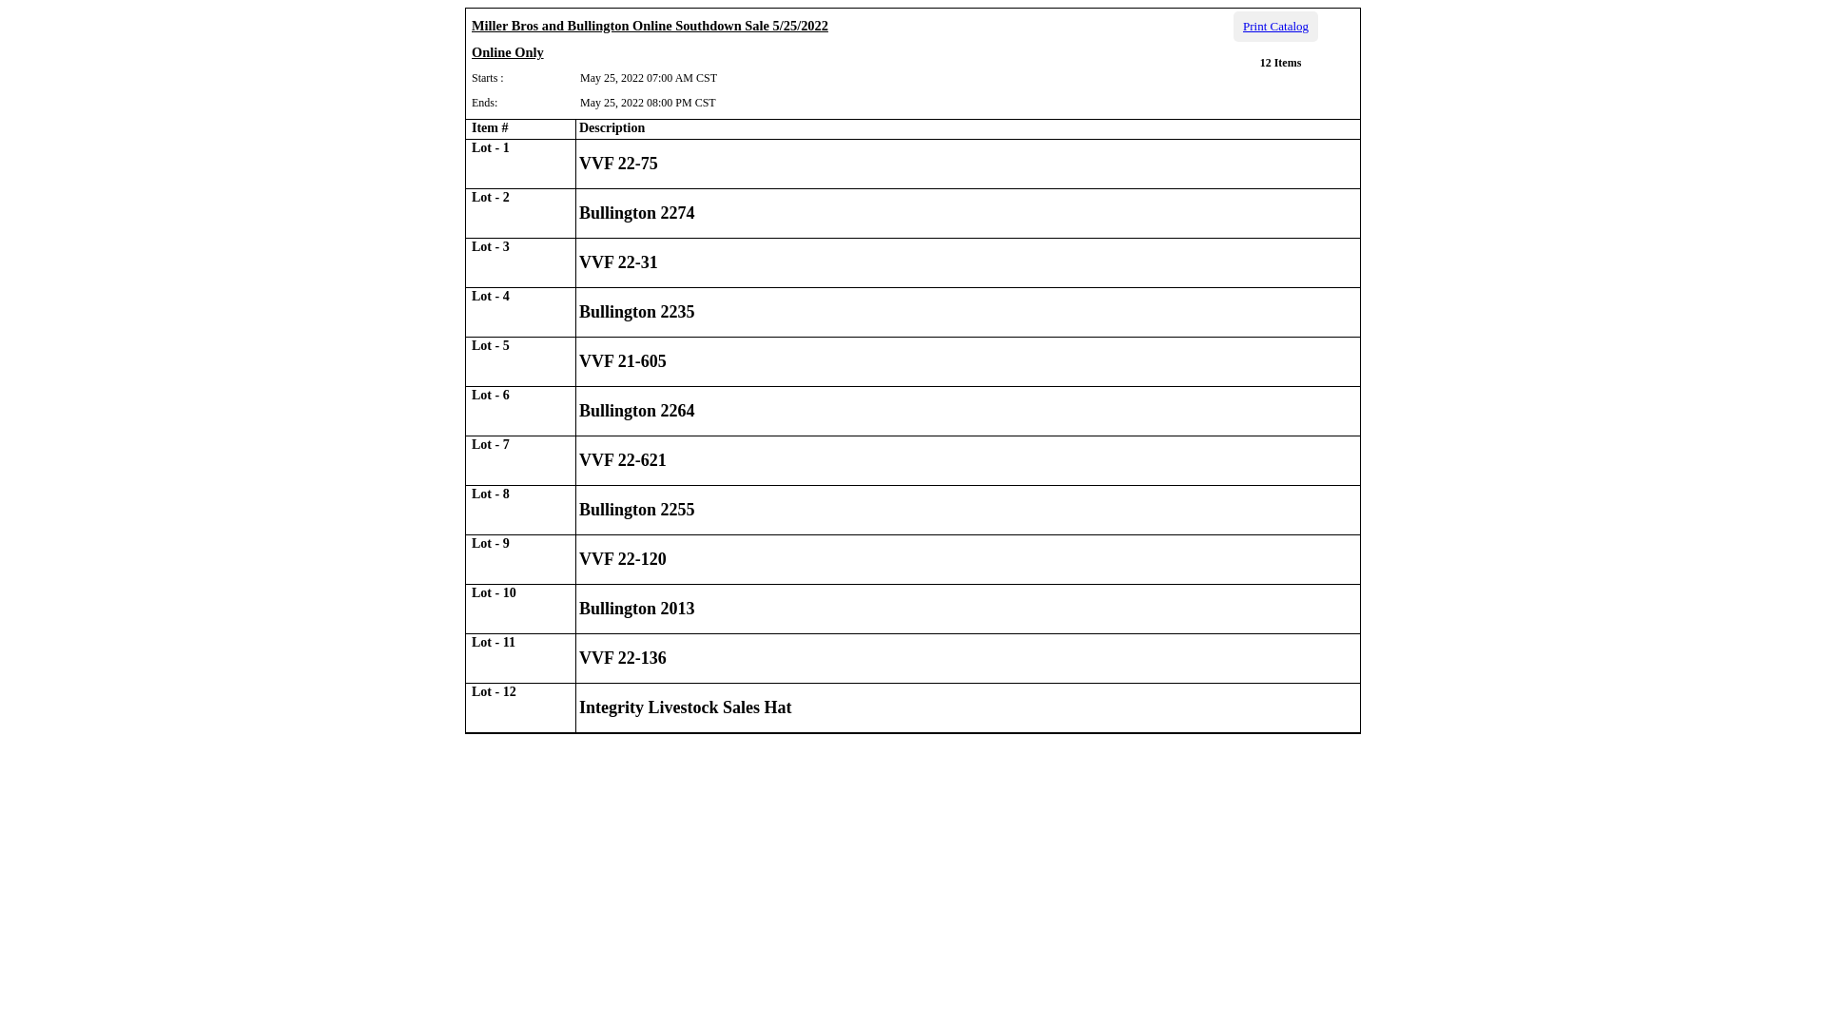 The width and height of the screenshot is (1826, 1027). I want to click on 'Print Catalog', so click(1233, 26).